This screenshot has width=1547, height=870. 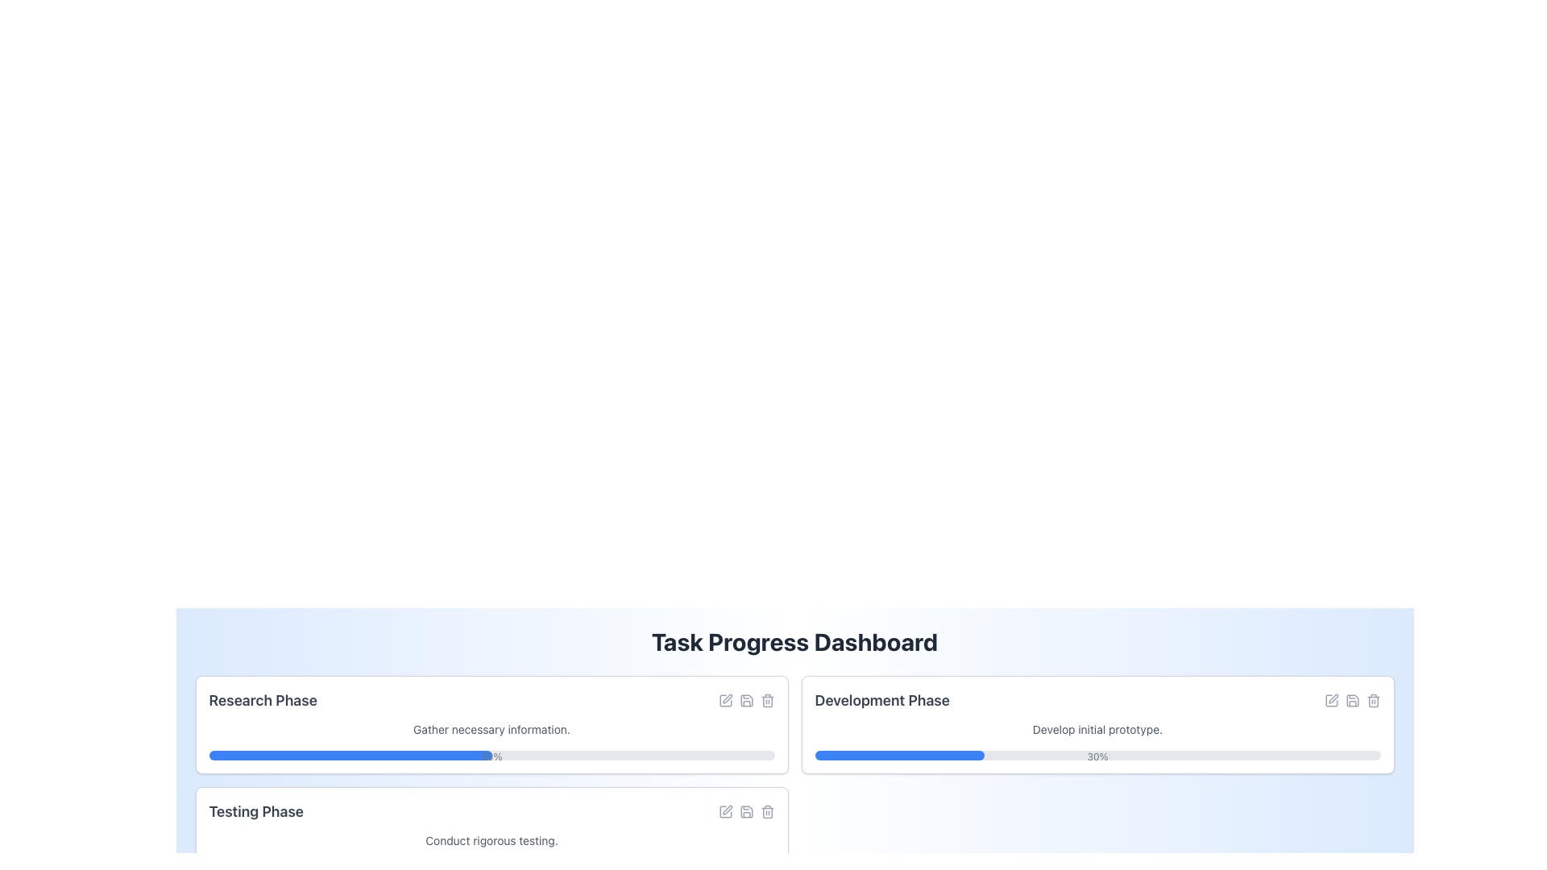 What do you see at coordinates (491, 840) in the screenshot?
I see `the static text element displaying 'Conduct rigorous testing.' located below the heading 'Testing Phase' in the task progress dashboard` at bounding box center [491, 840].